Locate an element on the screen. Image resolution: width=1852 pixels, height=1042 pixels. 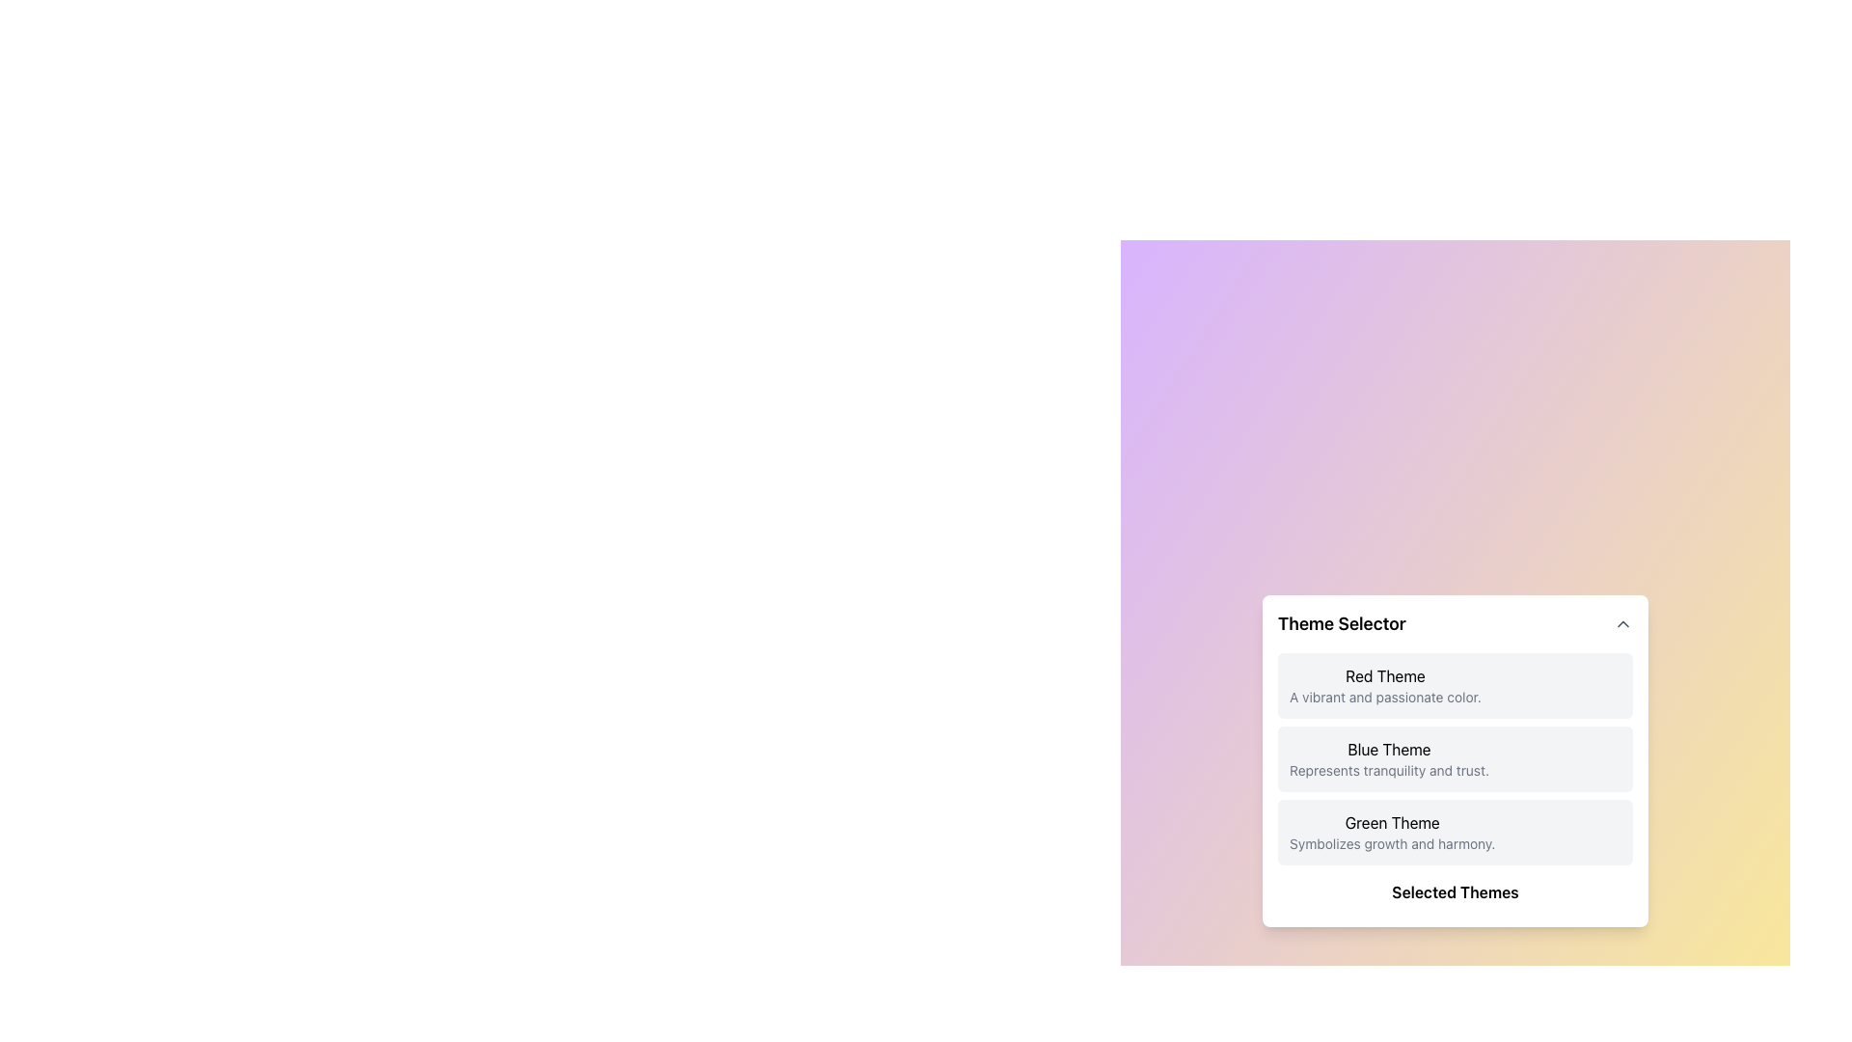
the second selectable list item labeled 'Blue Theme' is located at coordinates (1455, 757).